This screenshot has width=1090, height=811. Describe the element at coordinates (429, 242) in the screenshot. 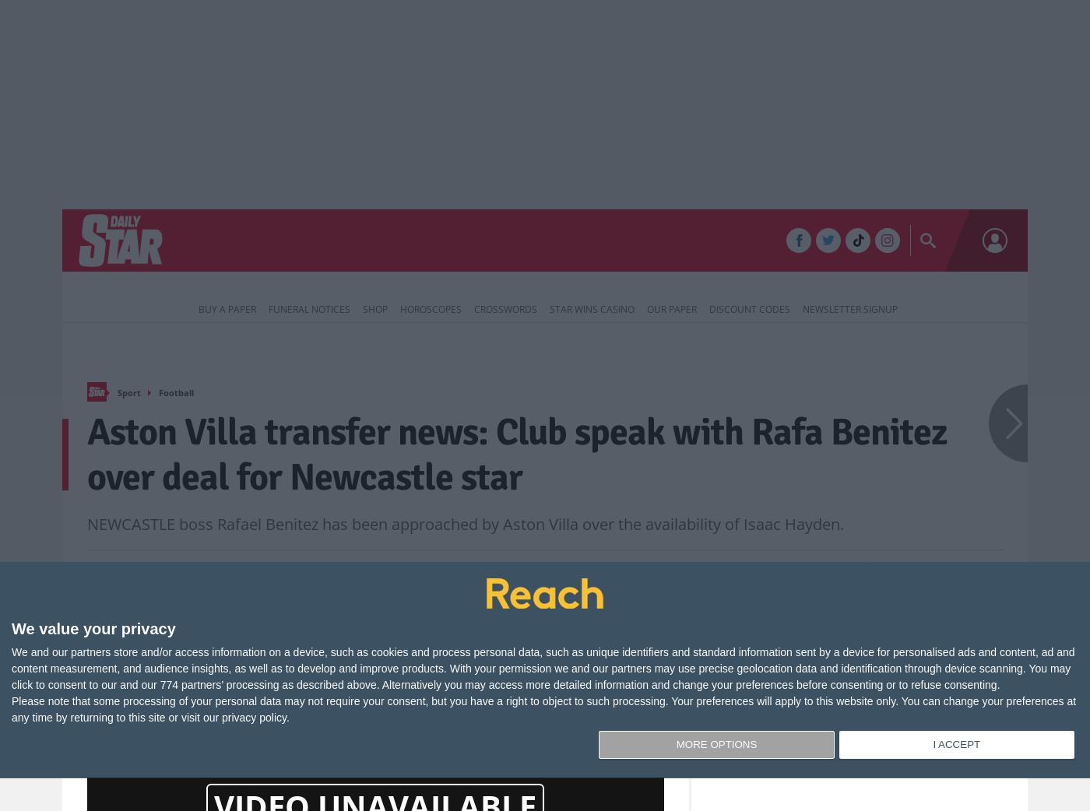

I see `'Life & Style'` at that location.